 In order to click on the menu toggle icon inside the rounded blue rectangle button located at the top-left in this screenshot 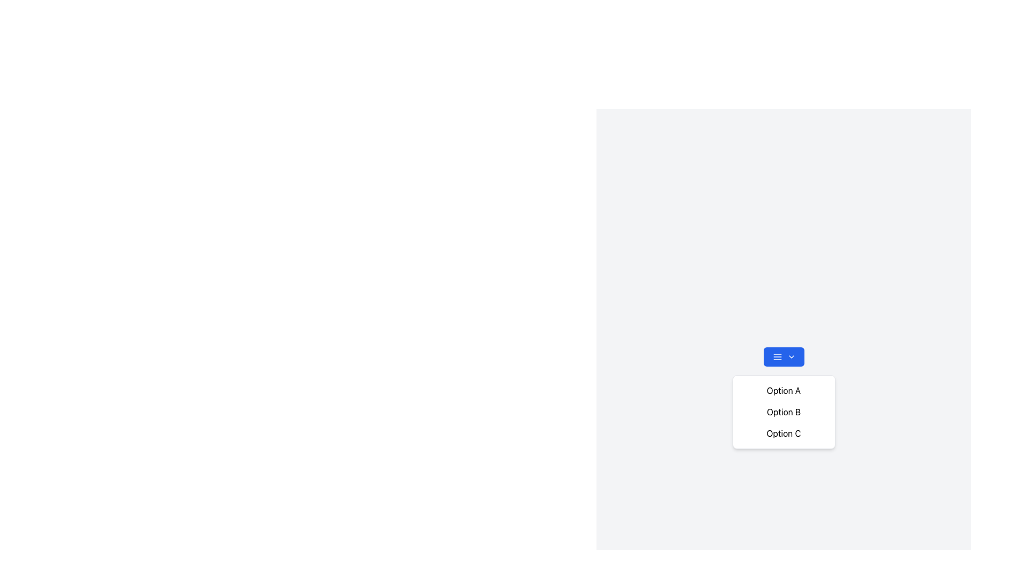, I will do `click(777, 357)`.